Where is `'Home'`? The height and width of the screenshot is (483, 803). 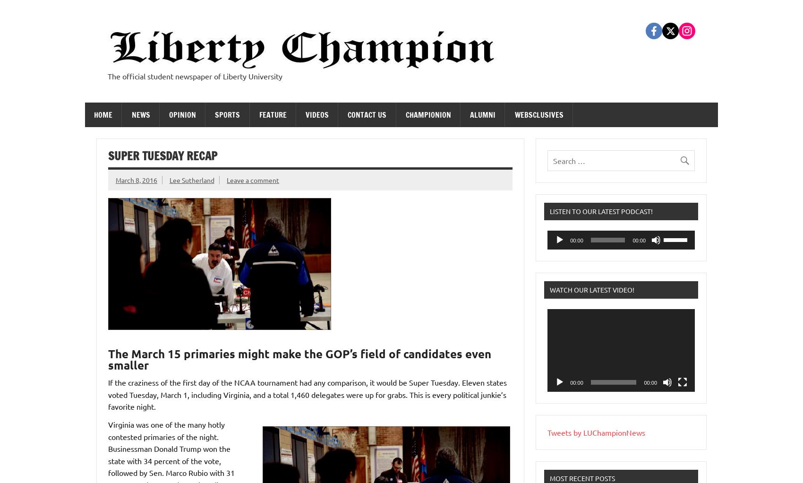 'Home' is located at coordinates (103, 114).